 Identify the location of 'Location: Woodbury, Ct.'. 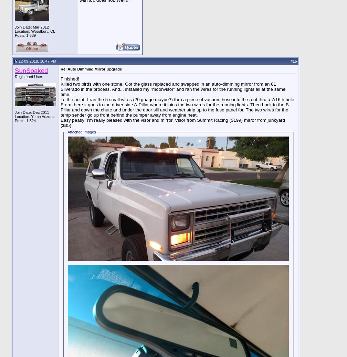
(35, 30).